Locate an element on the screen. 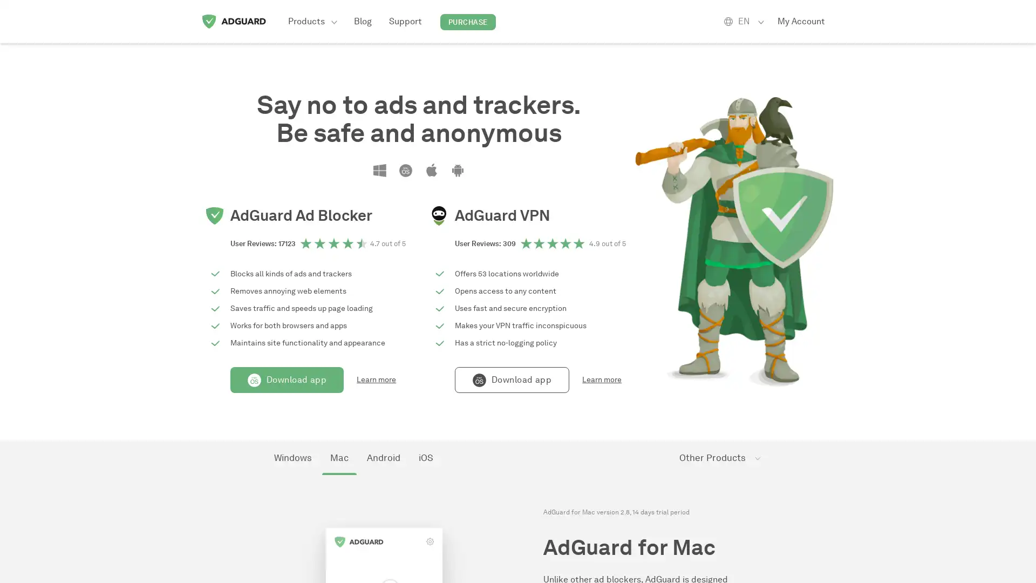 Image resolution: width=1036 pixels, height=583 pixels. Android is located at coordinates (383, 458).